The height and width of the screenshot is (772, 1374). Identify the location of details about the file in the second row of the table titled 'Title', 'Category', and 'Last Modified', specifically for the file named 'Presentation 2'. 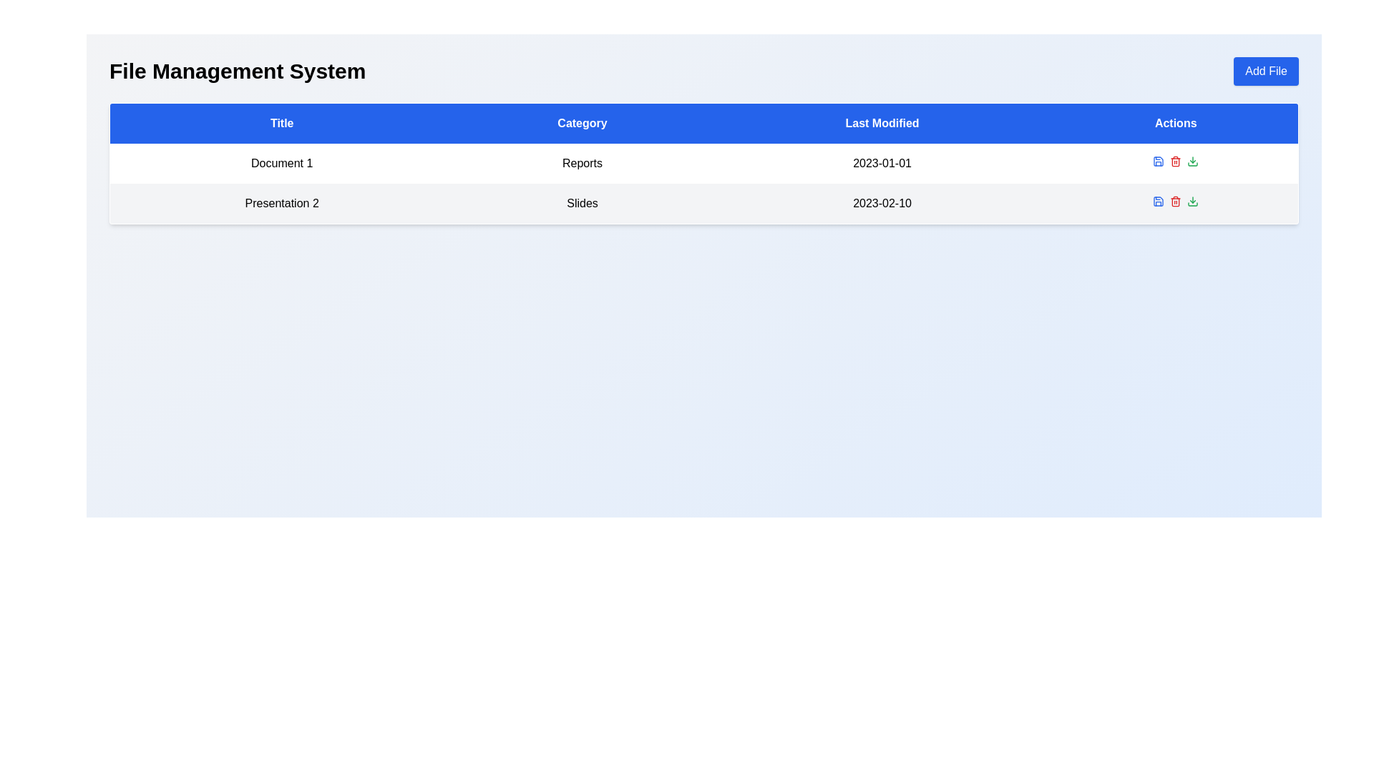
(703, 204).